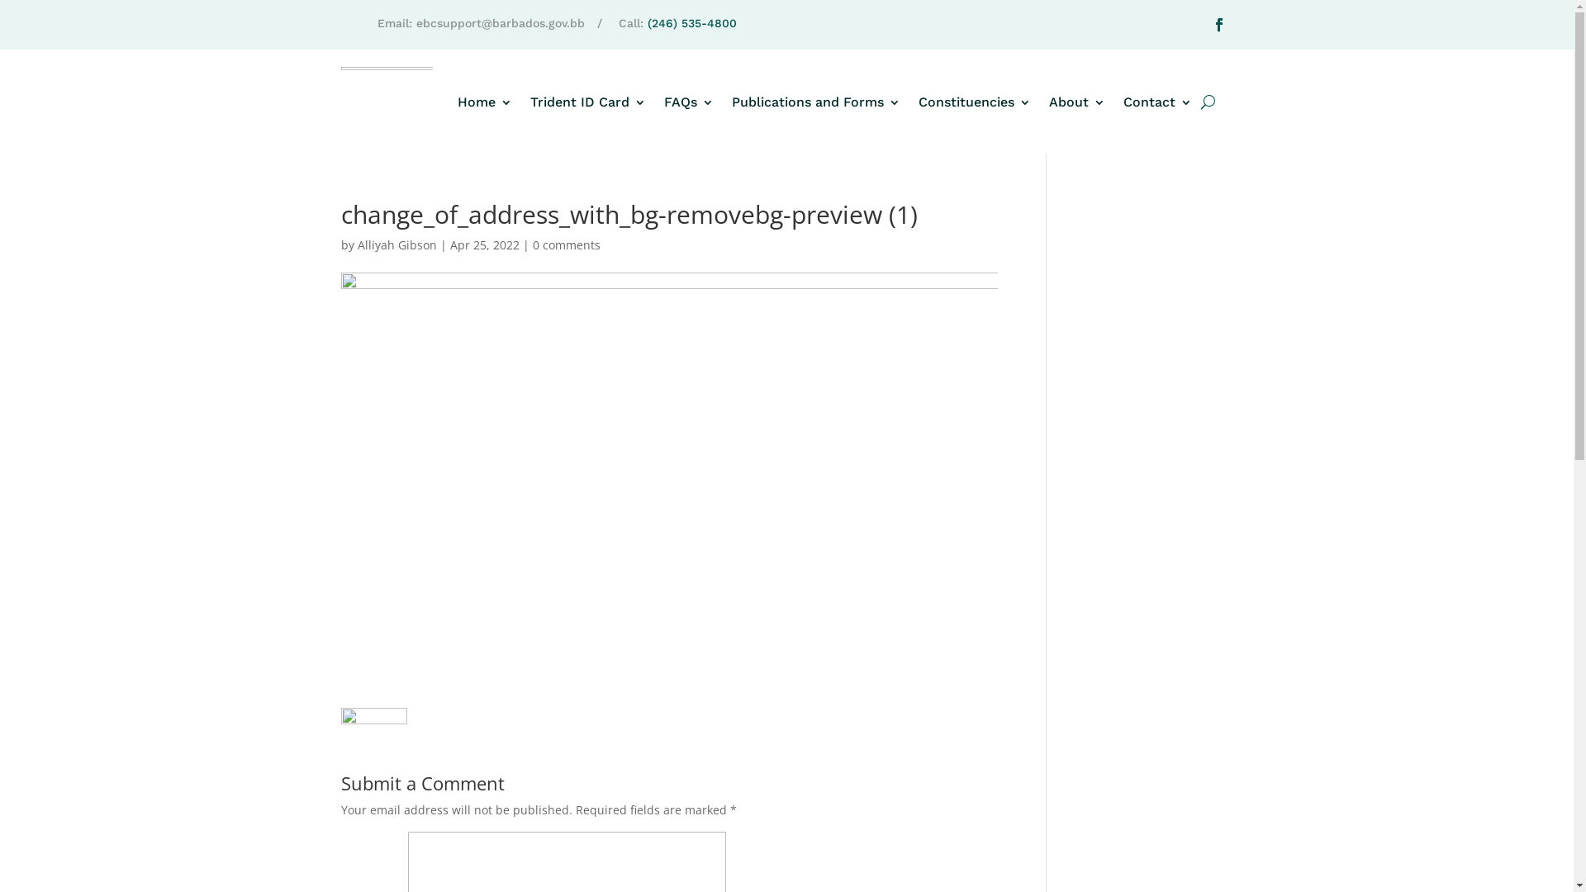  What do you see at coordinates (1077, 102) in the screenshot?
I see `'About'` at bounding box center [1077, 102].